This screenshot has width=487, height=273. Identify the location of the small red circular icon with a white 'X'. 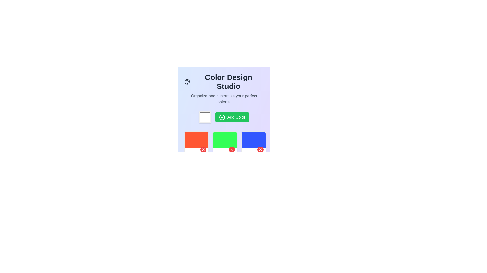
(260, 149).